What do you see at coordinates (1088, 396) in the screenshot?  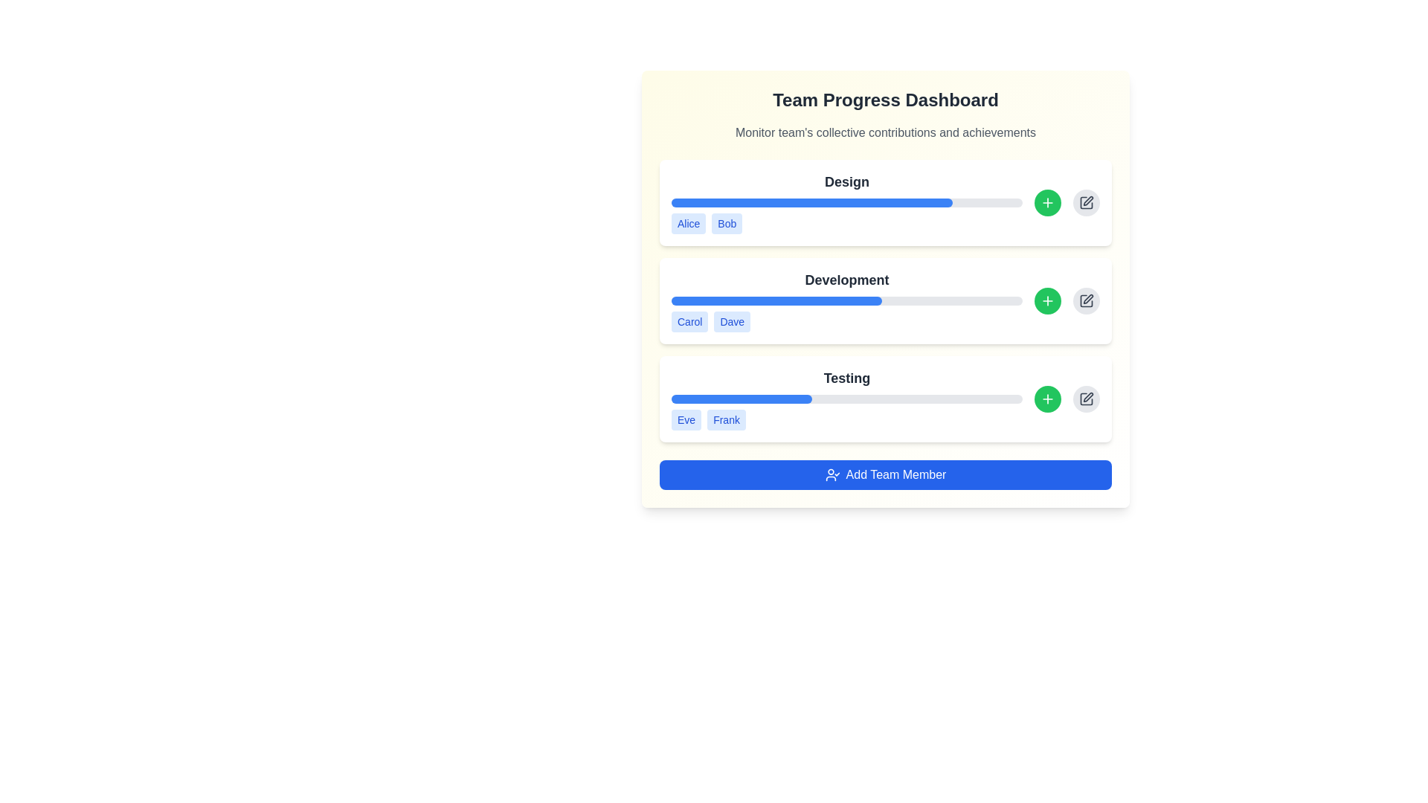 I see `the editing icon located in the lower-right section of the 'Testing' panel of the dashboard` at bounding box center [1088, 396].